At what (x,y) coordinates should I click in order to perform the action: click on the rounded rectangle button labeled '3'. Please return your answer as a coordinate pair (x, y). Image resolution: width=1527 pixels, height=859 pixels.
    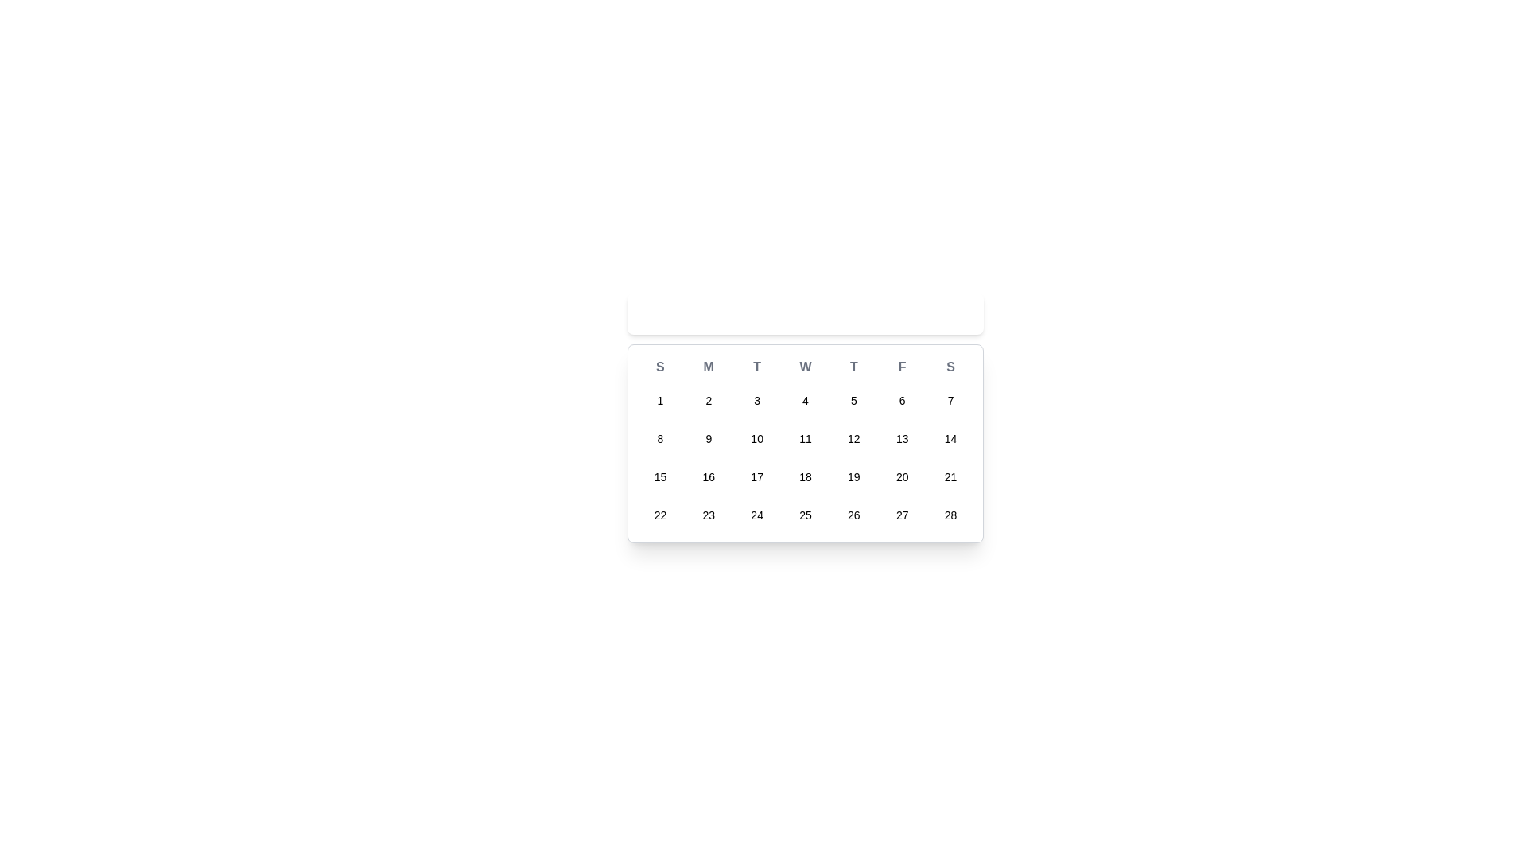
    Looking at the image, I should click on (756, 400).